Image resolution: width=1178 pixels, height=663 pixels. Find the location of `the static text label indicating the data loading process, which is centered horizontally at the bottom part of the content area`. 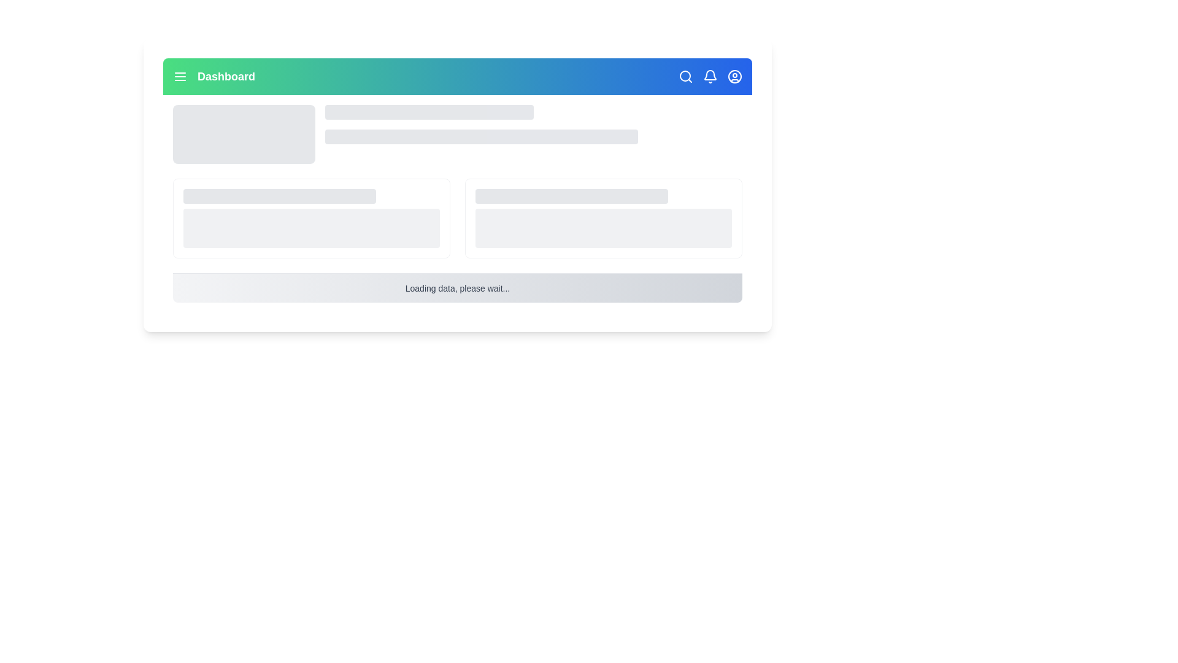

the static text label indicating the data loading process, which is centered horizontally at the bottom part of the content area is located at coordinates (456, 288).